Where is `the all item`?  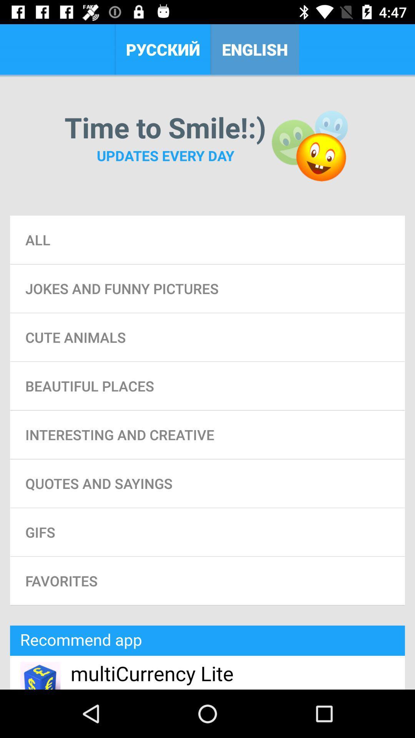
the all item is located at coordinates (207, 239).